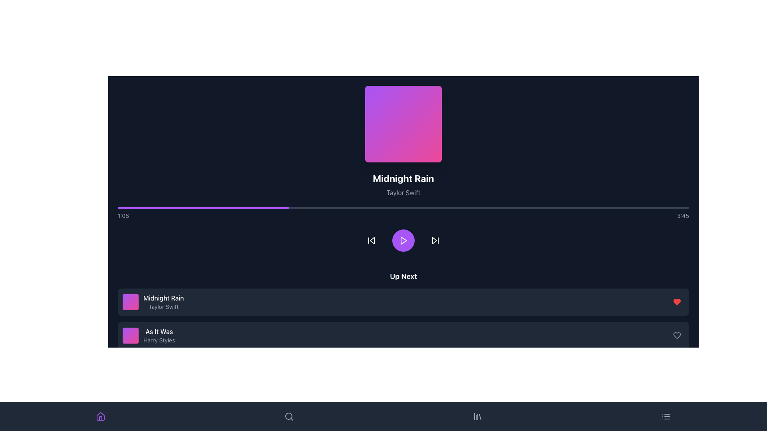 The image size is (767, 431). What do you see at coordinates (272, 207) in the screenshot?
I see `the progress bar` at bounding box center [272, 207].